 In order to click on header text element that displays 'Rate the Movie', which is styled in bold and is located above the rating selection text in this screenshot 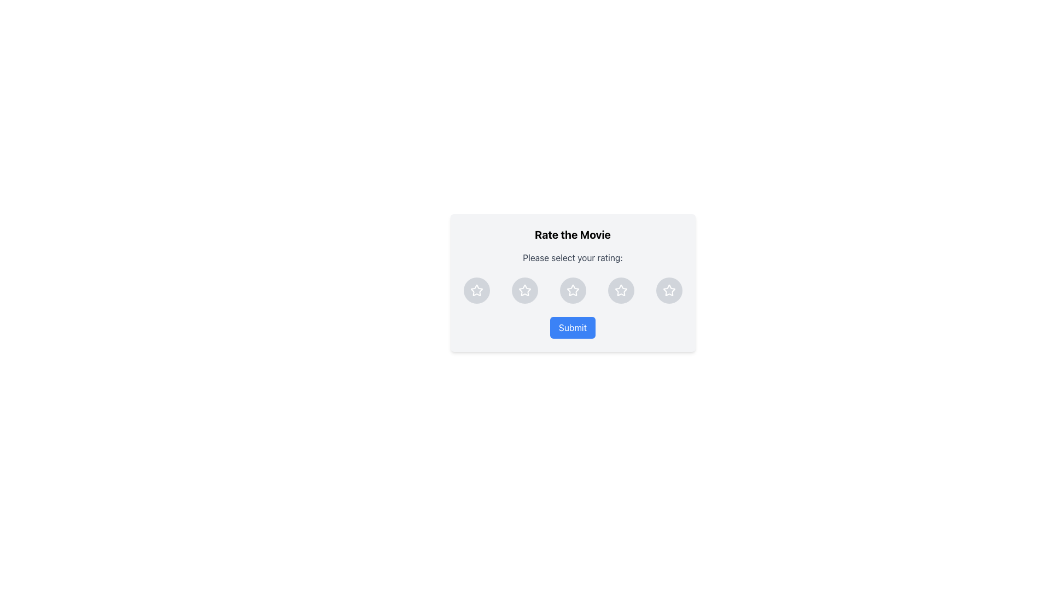, I will do `click(572, 234)`.